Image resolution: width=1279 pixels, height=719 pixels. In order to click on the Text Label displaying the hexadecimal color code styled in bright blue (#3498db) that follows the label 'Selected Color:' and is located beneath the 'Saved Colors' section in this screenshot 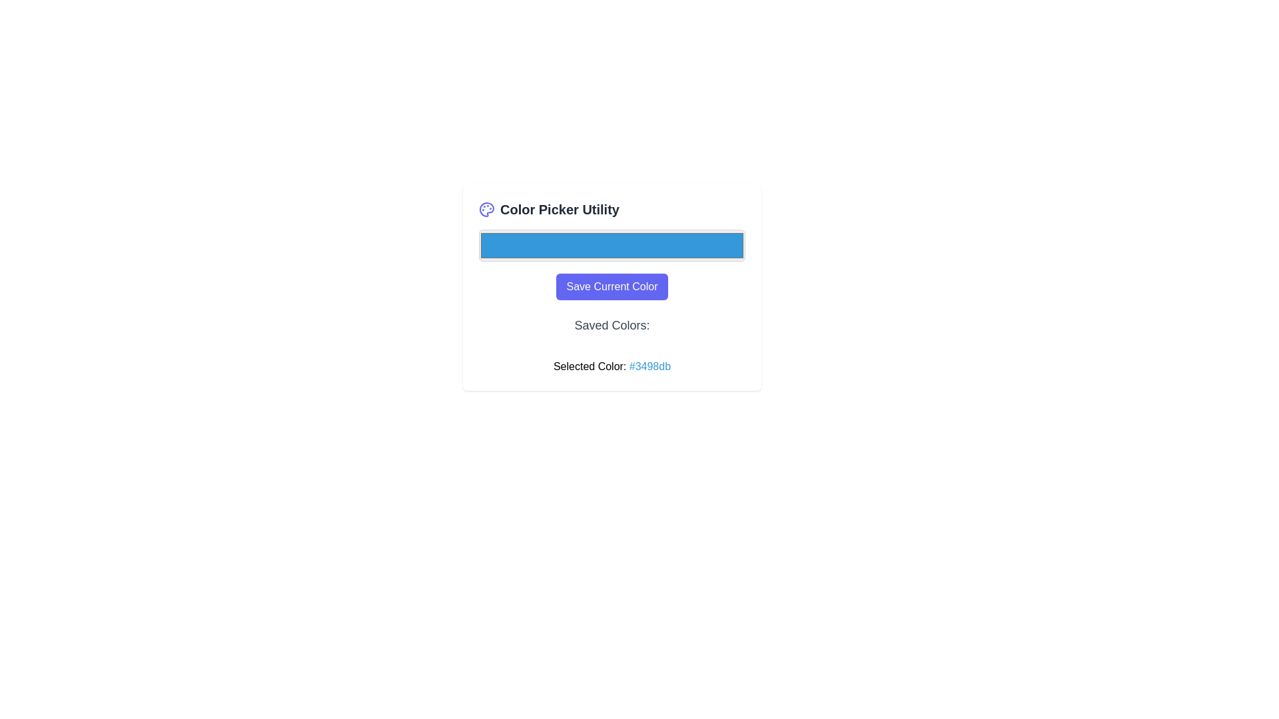, I will do `click(649, 366)`.